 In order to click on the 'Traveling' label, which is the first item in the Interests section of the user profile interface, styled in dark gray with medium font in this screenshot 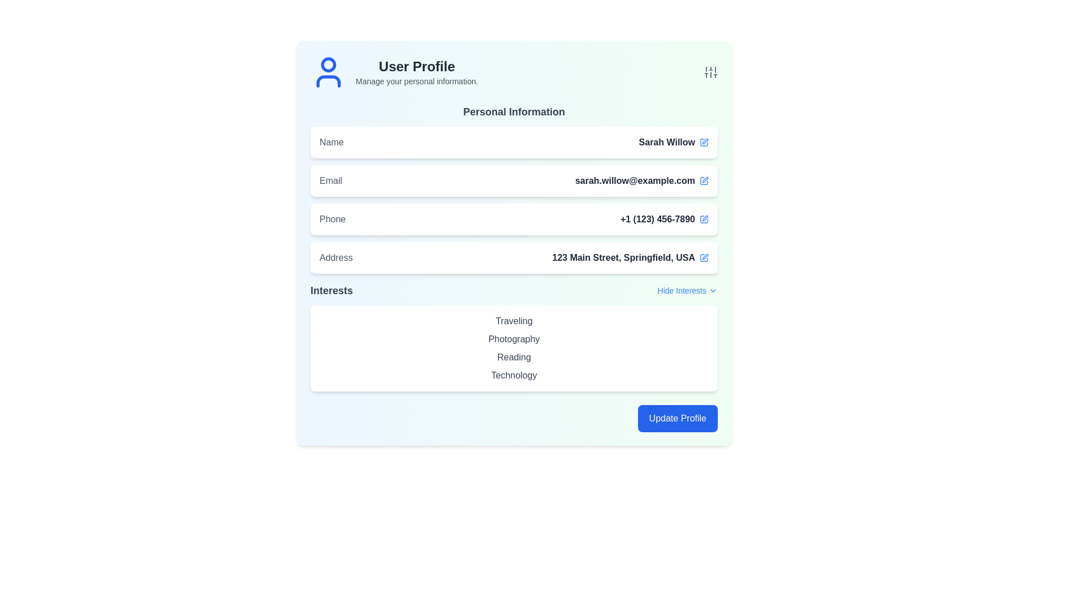, I will do `click(513, 321)`.